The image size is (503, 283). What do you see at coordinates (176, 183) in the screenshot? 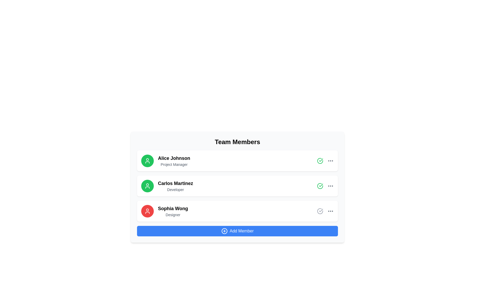
I see `the text display element indicating the team member's name in the 'Team Members' list` at bounding box center [176, 183].